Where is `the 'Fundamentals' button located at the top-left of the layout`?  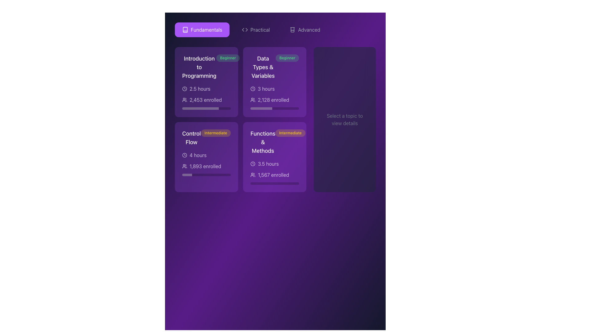 the 'Fundamentals' button located at the top-left of the layout is located at coordinates (202, 30).